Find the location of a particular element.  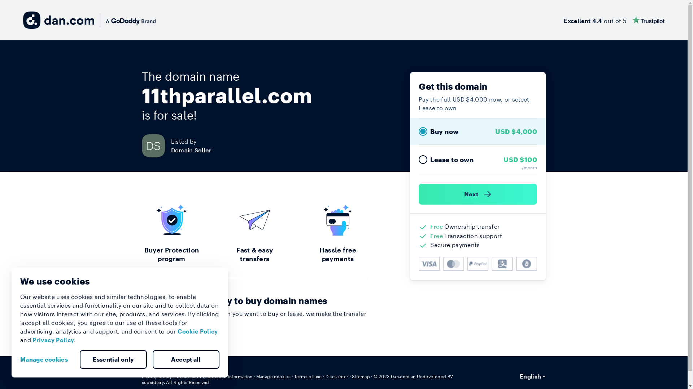

'Disclaimer' is located at coordinates (325, 376).